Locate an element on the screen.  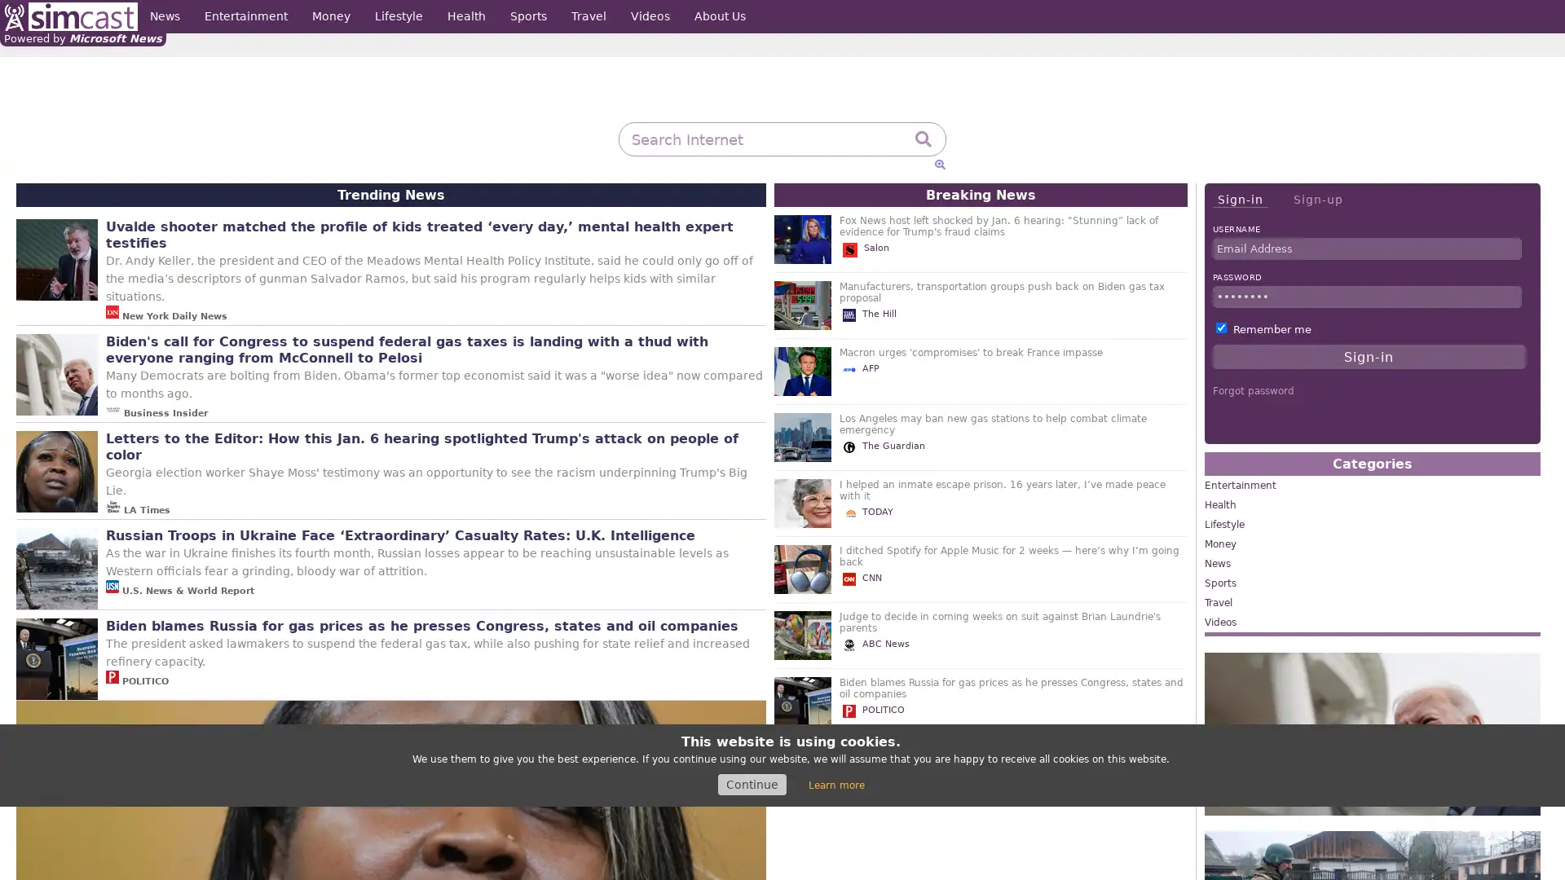
Continue is located at coordinates (751, 784).